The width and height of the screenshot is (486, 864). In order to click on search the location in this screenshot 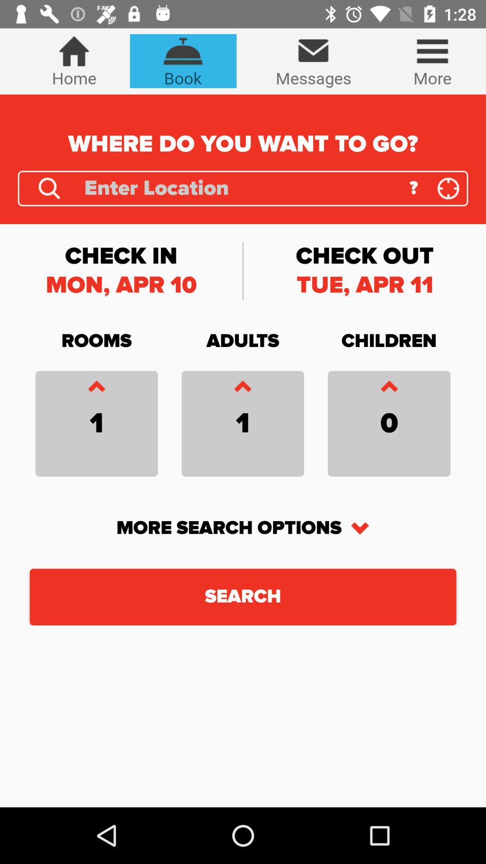, I will do `click(49, 188)`.